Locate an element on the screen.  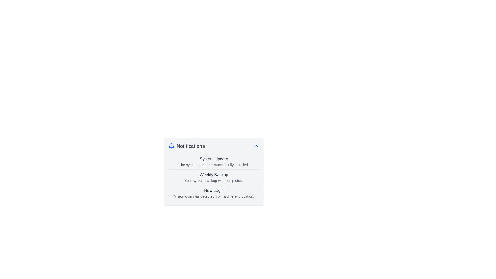
the upward-pointing chevron icon with blue coloring in the notifications section header is located at coordinates (256, 146).